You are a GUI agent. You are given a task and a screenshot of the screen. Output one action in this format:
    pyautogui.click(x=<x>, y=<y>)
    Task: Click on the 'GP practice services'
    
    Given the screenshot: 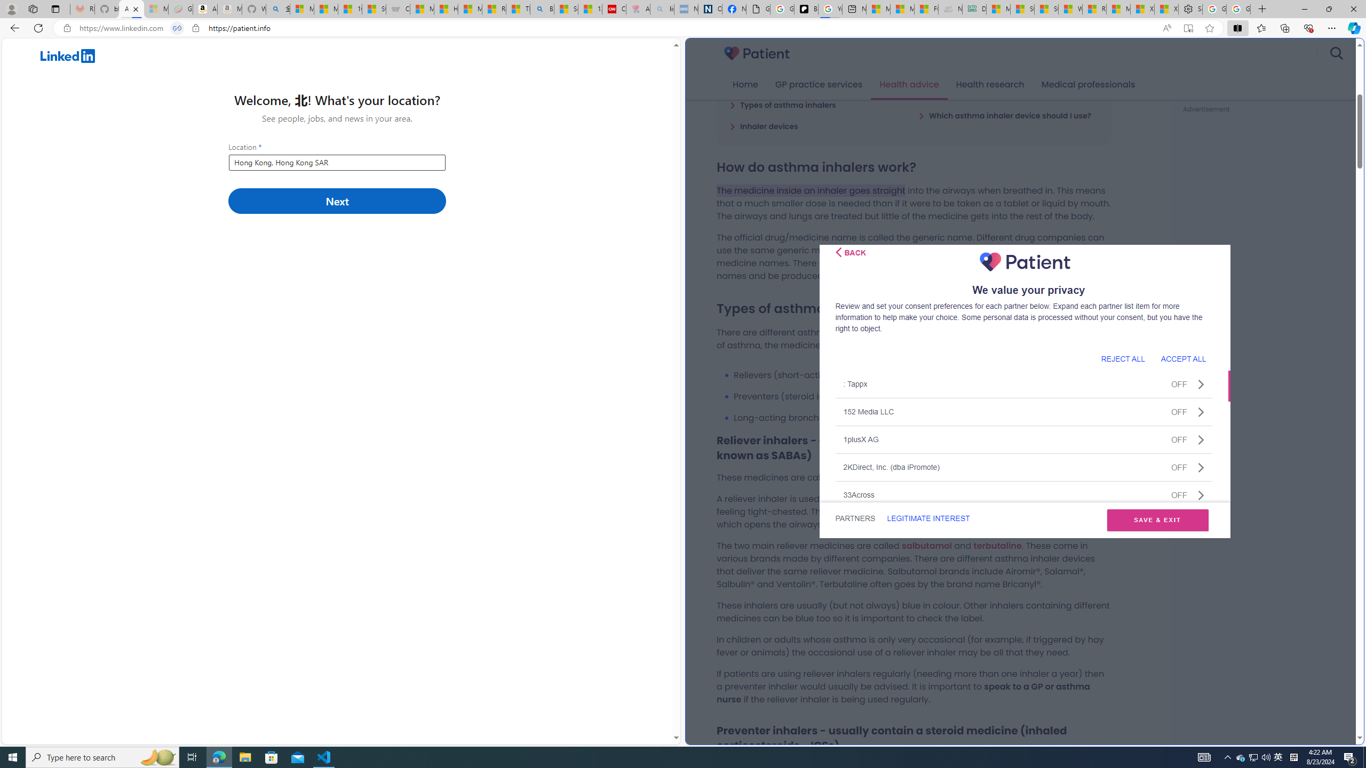 What is the action you would take?
    pyautogui.click(x=818, y=84)
    